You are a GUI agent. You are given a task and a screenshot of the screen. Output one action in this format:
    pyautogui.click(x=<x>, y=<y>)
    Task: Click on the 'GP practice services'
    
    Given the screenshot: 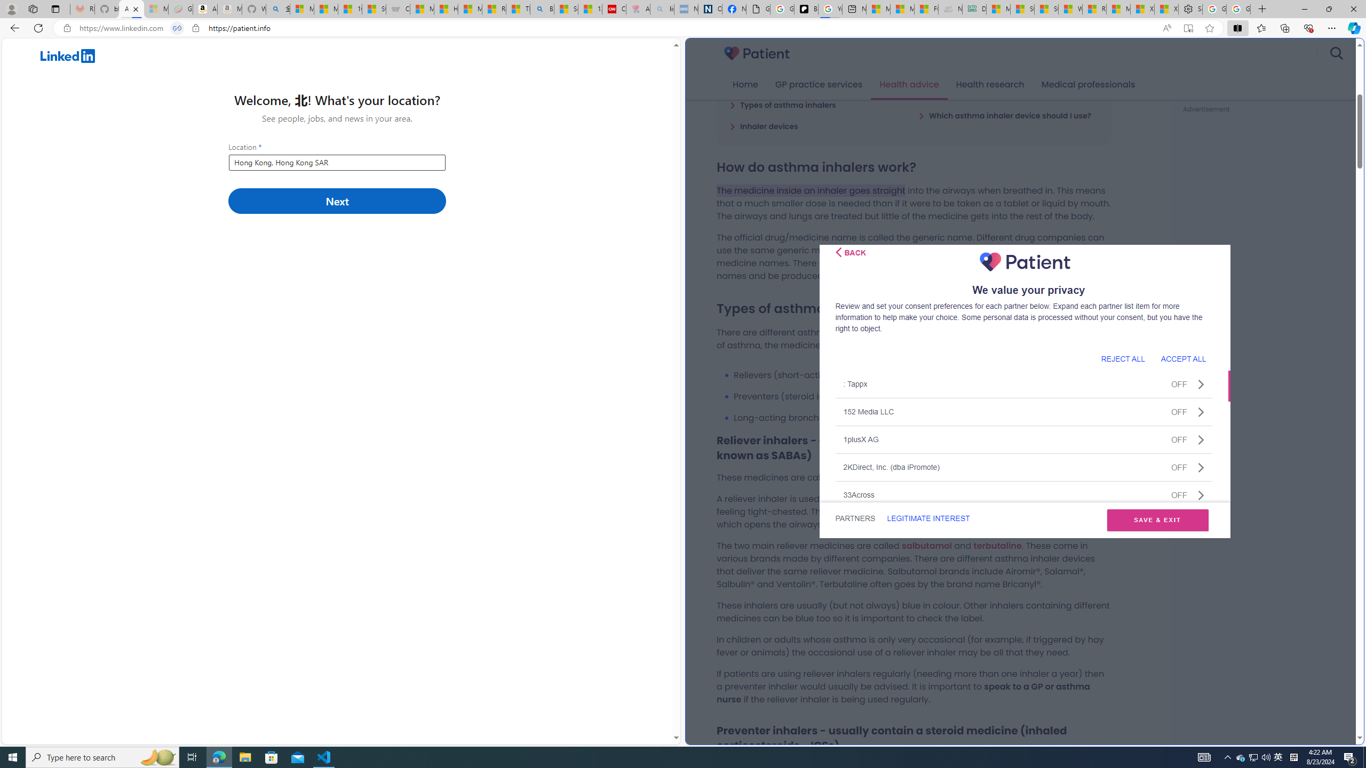 What is the action you would take?
    pyautogui.click(x=818, y=84)
    